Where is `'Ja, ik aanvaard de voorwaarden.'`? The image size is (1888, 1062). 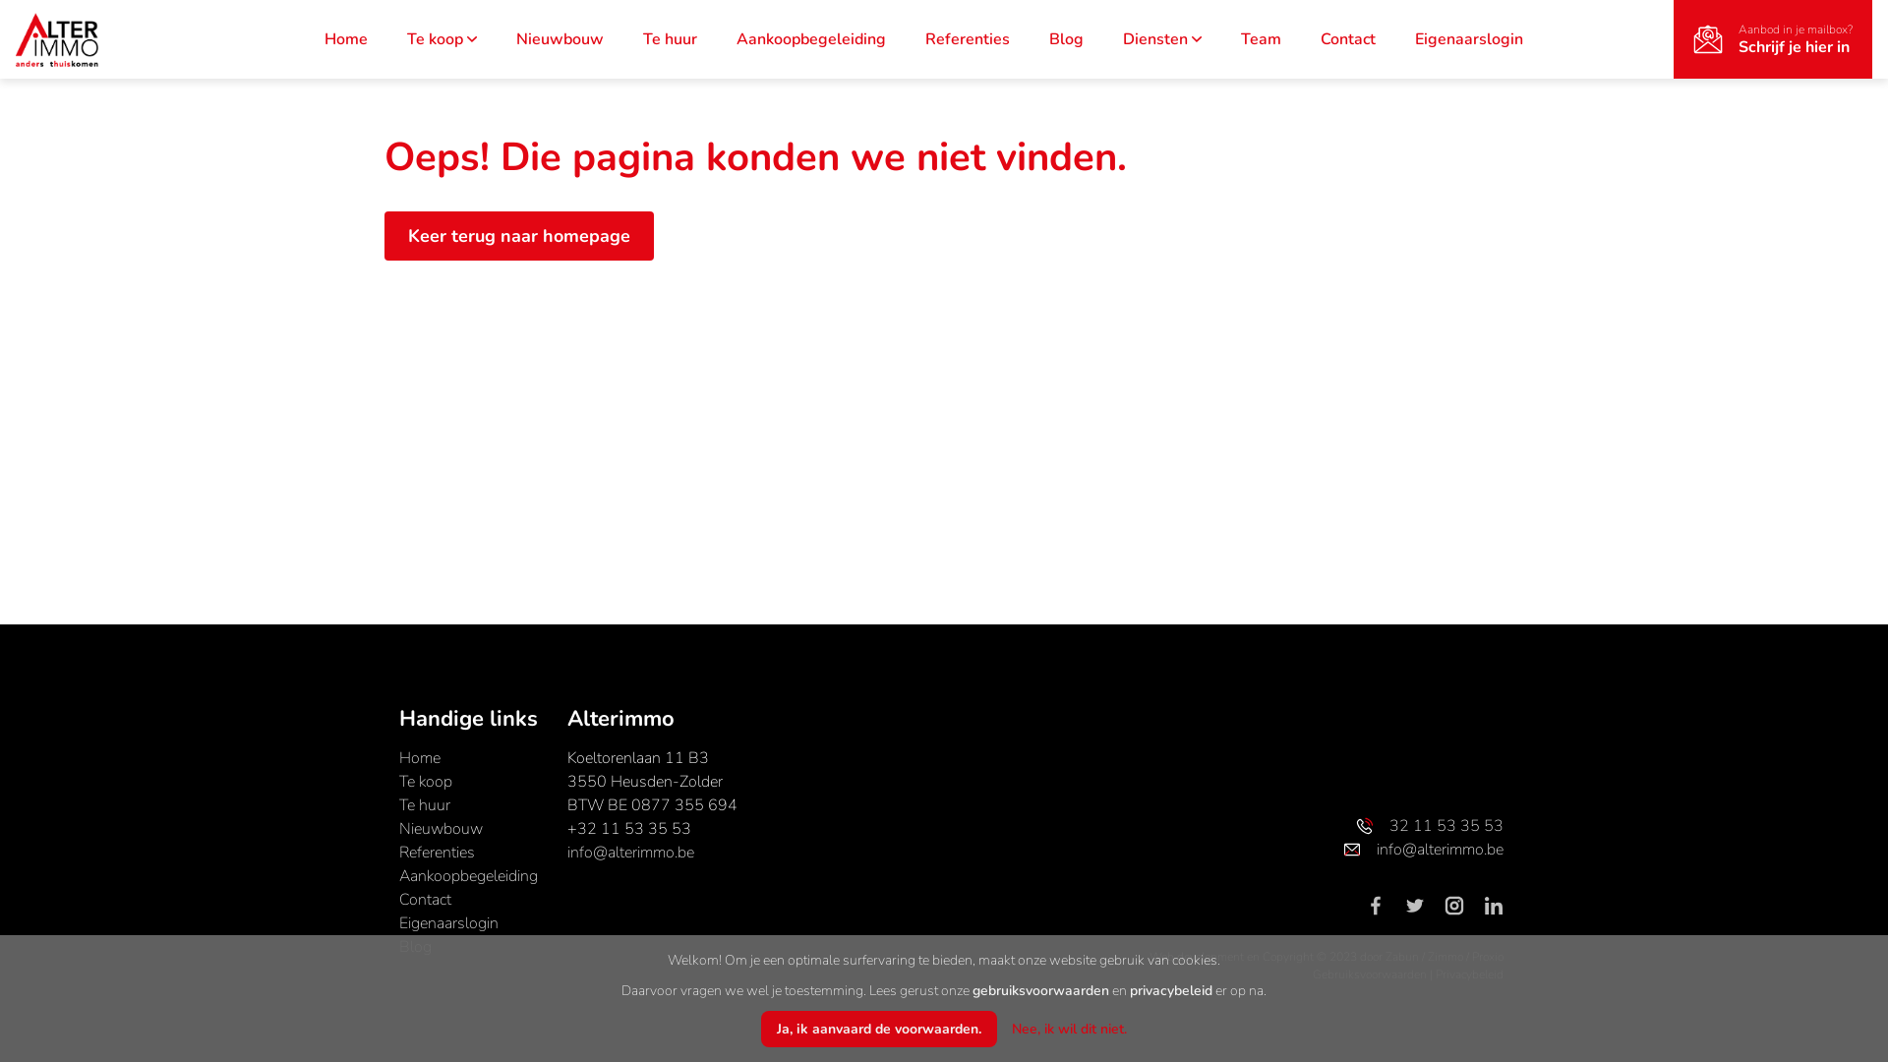
'Ja, ik aanvaard de voorwaarden.' is located at coordinates (877, 1028).